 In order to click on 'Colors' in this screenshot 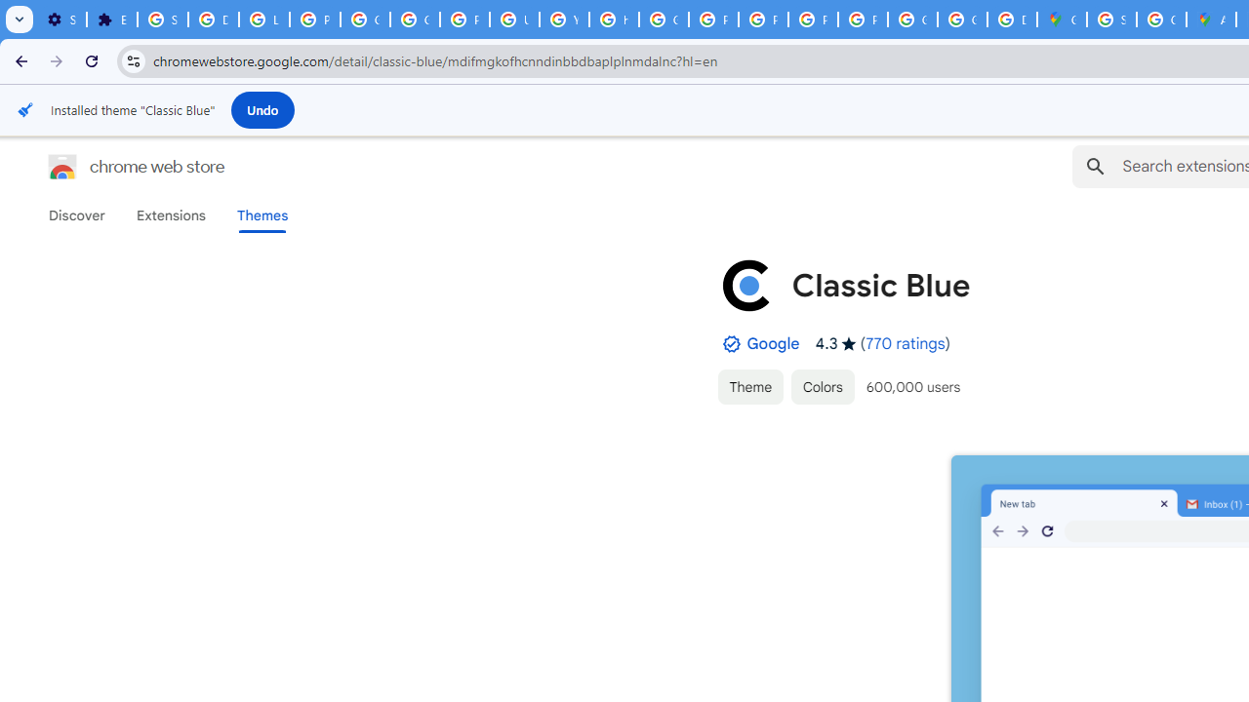, I will do `click(823, 386)`.